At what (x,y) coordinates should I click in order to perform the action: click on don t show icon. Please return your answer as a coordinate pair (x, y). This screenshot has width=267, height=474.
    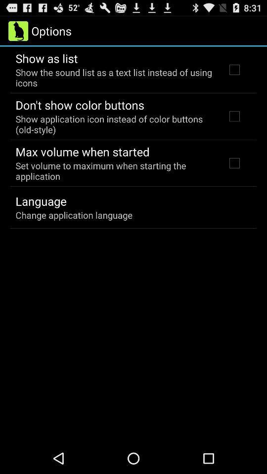
    Looking at the image, I should click on (79, 105).